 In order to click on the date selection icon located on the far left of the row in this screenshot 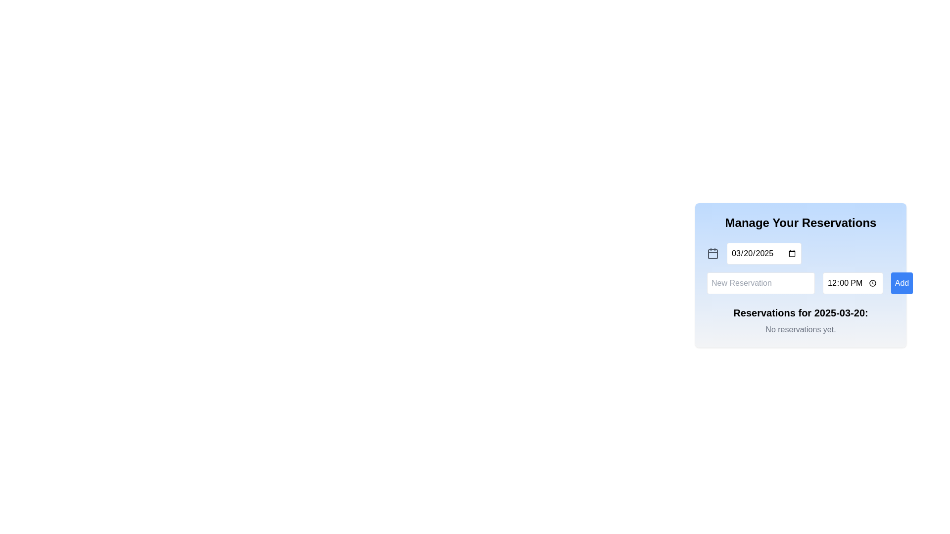, I will do `click(712, 253)`.